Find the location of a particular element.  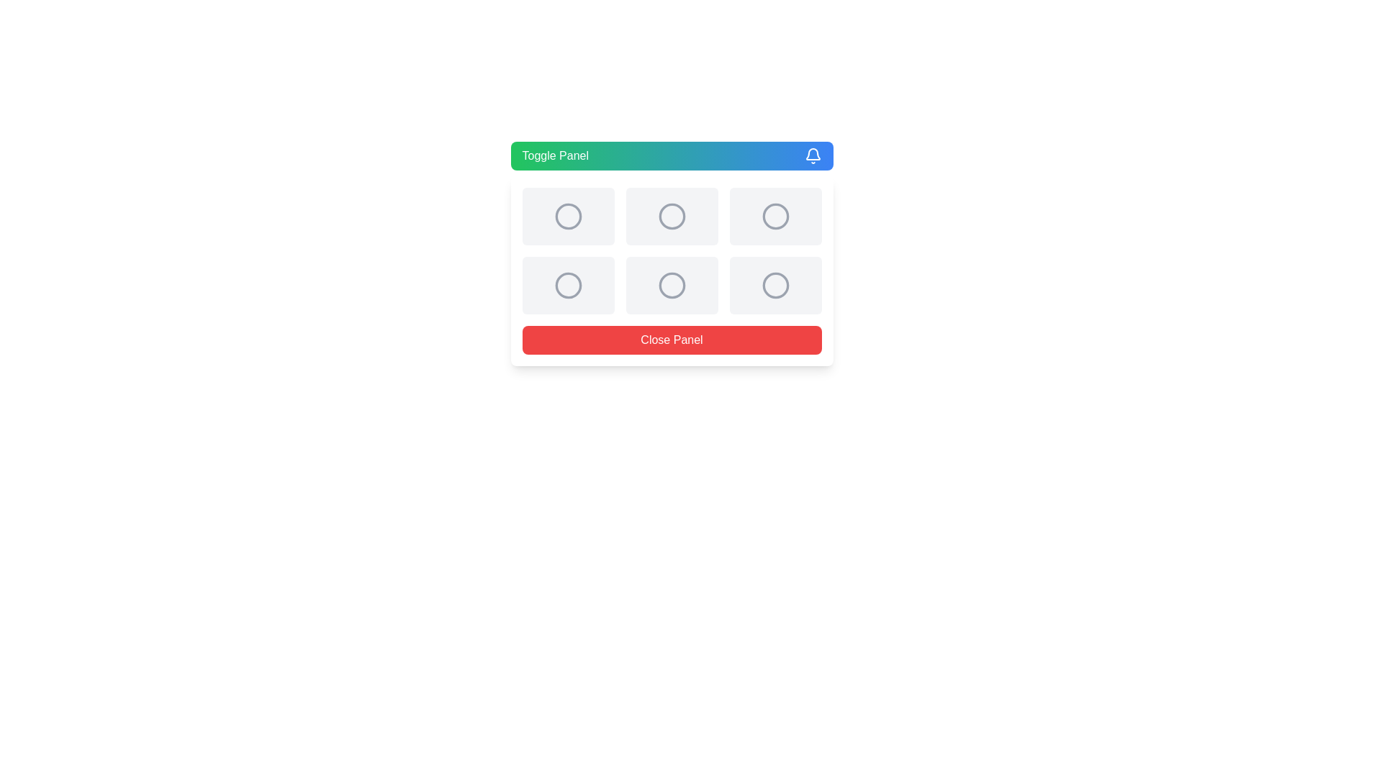

the bell icon's lower part, which is a curved shape resembling a bell's base, centrally aligned within the SVG graphic is located at coordinates (813, 154).